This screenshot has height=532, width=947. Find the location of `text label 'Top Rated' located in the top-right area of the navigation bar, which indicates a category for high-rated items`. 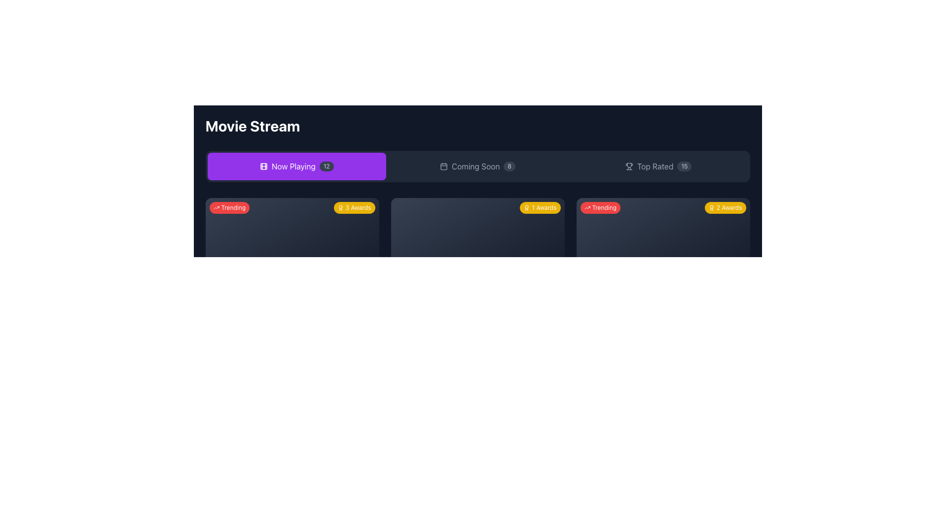

text label 'Top Rated' located in the top-right area of the navigation bar, which indicates a category for high-rated items is located at coordinates (655, 166).